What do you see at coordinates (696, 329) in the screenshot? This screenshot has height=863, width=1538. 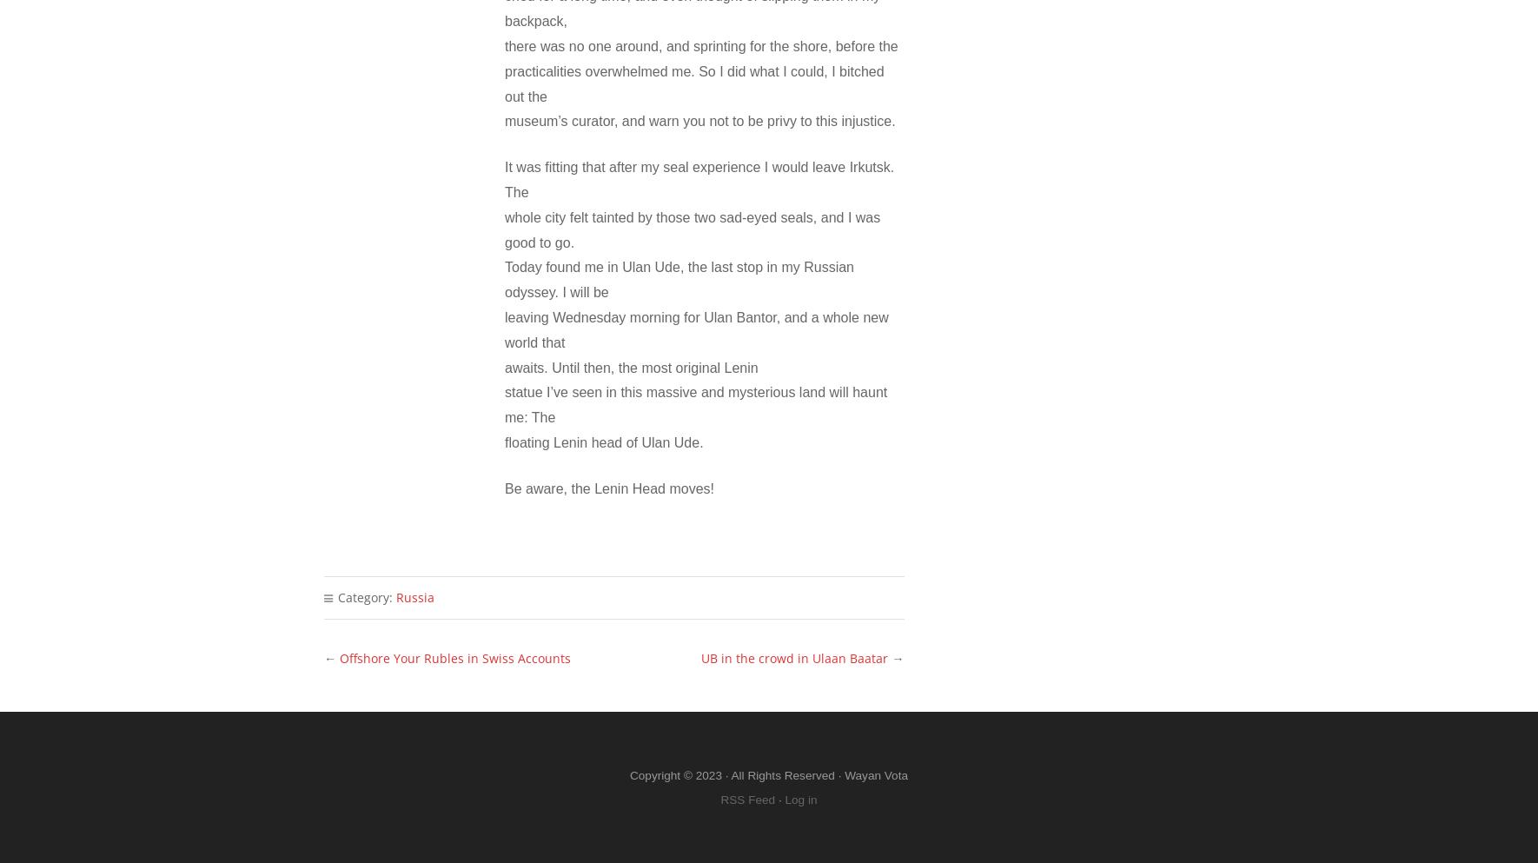 I see `'leaving Wednesday morning for Ulan Bantor, and a whole new world that'` at bounding box center [696, 329].